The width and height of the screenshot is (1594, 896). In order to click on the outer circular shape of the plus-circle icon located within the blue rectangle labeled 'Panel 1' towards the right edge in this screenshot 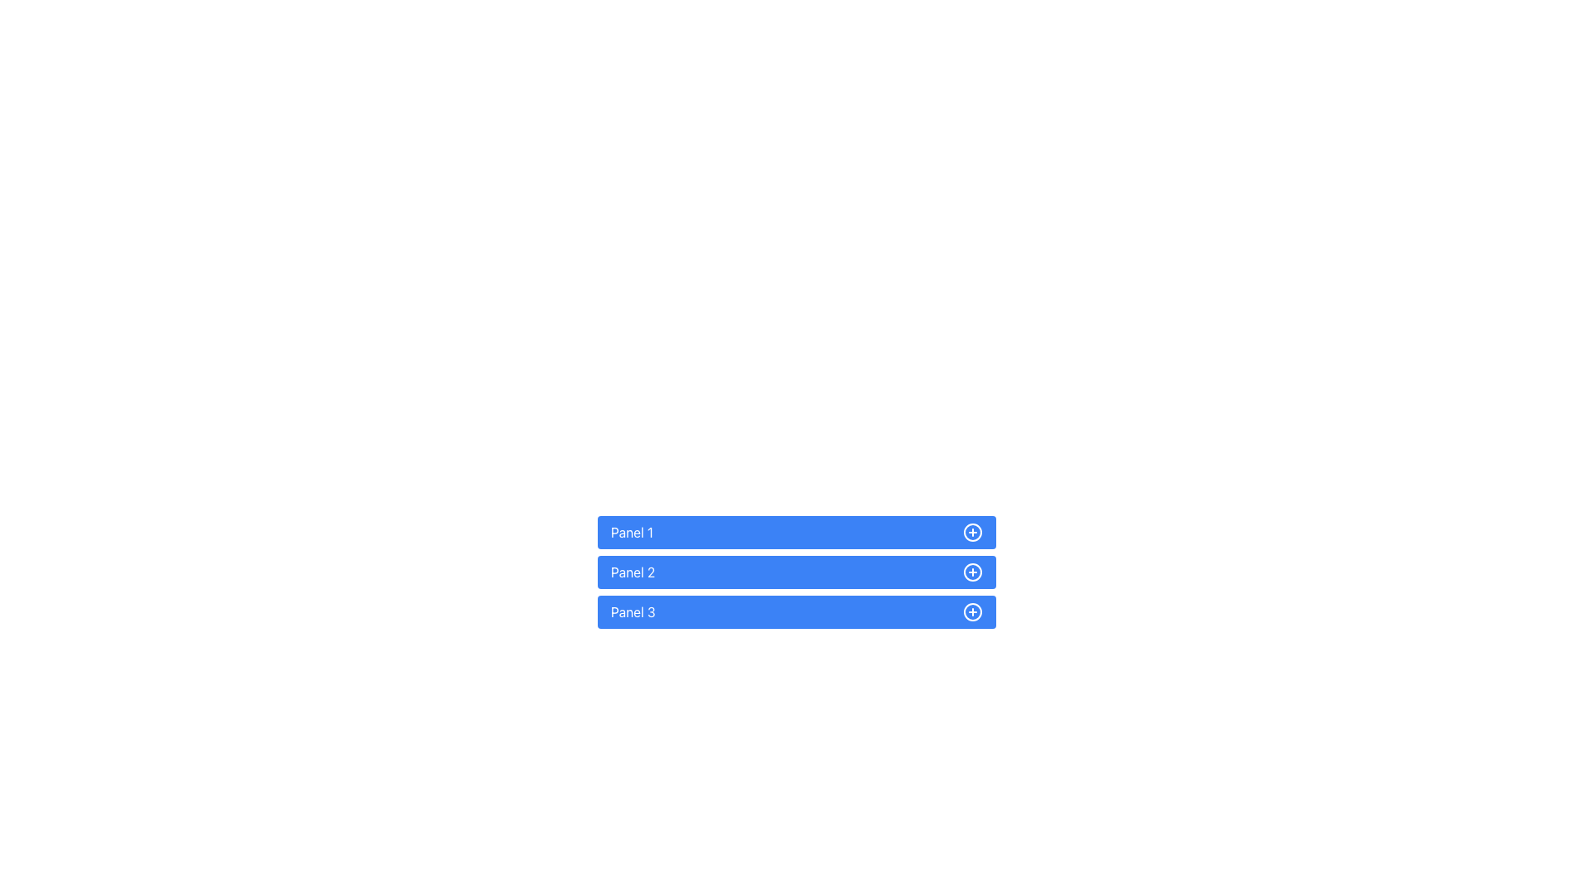, I will do `click(972, 532)`.